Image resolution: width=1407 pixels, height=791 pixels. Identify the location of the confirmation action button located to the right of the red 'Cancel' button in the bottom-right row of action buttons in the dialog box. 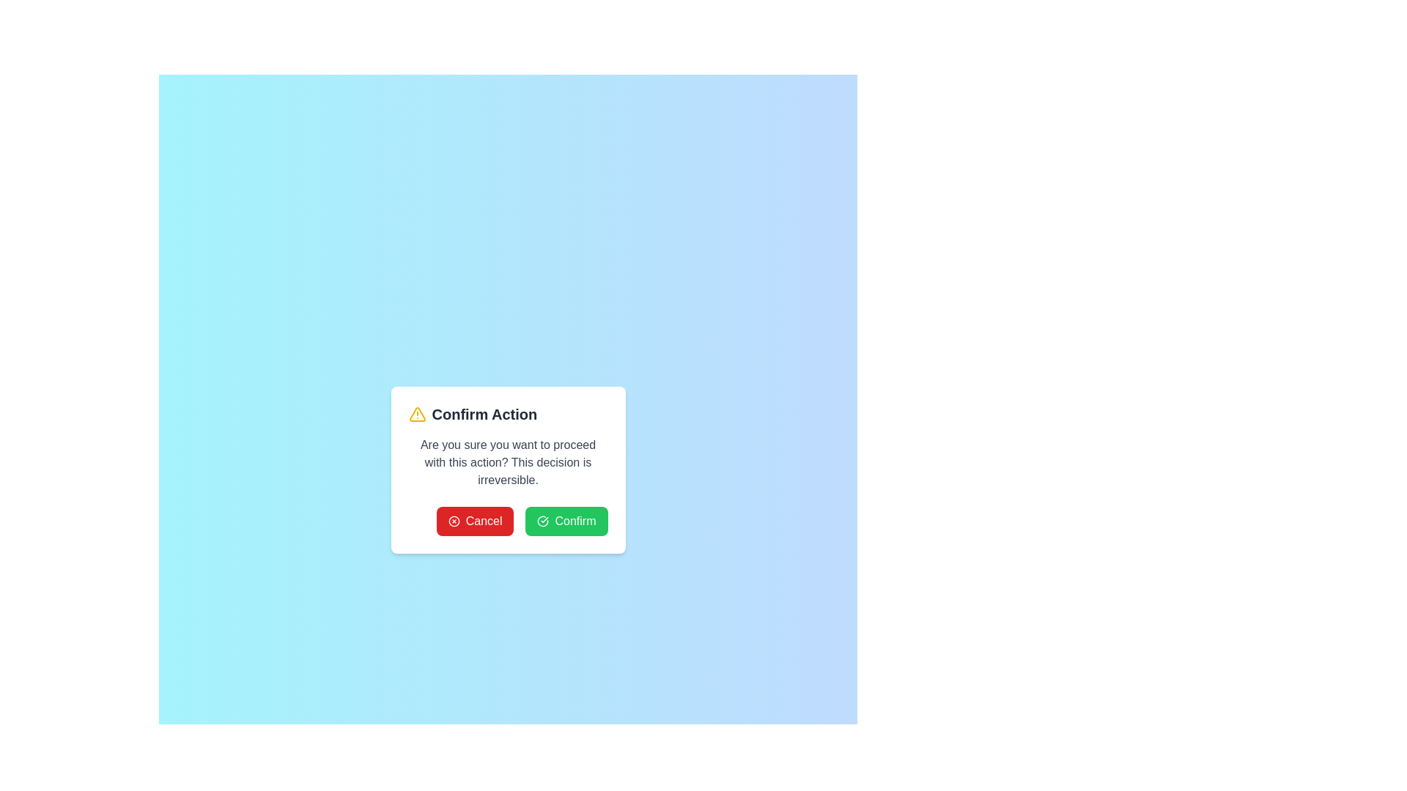
(566, 521).